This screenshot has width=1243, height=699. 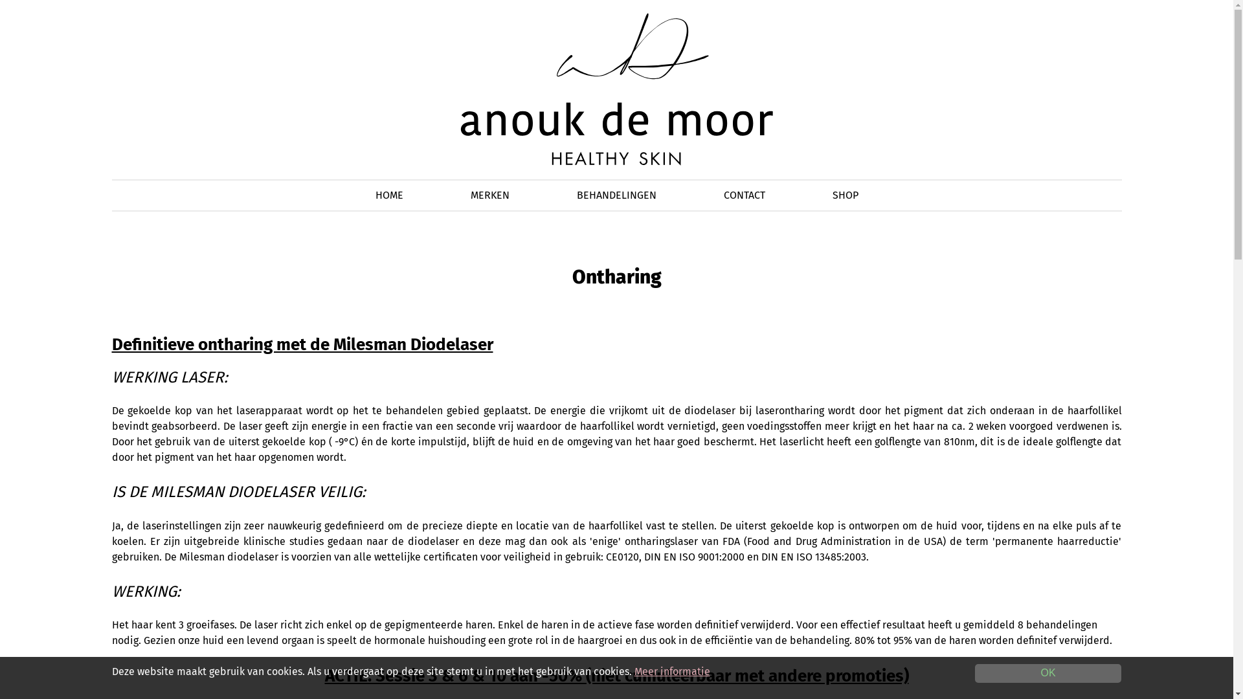 I want to click on 'HOME', so click(x=388, y=195).